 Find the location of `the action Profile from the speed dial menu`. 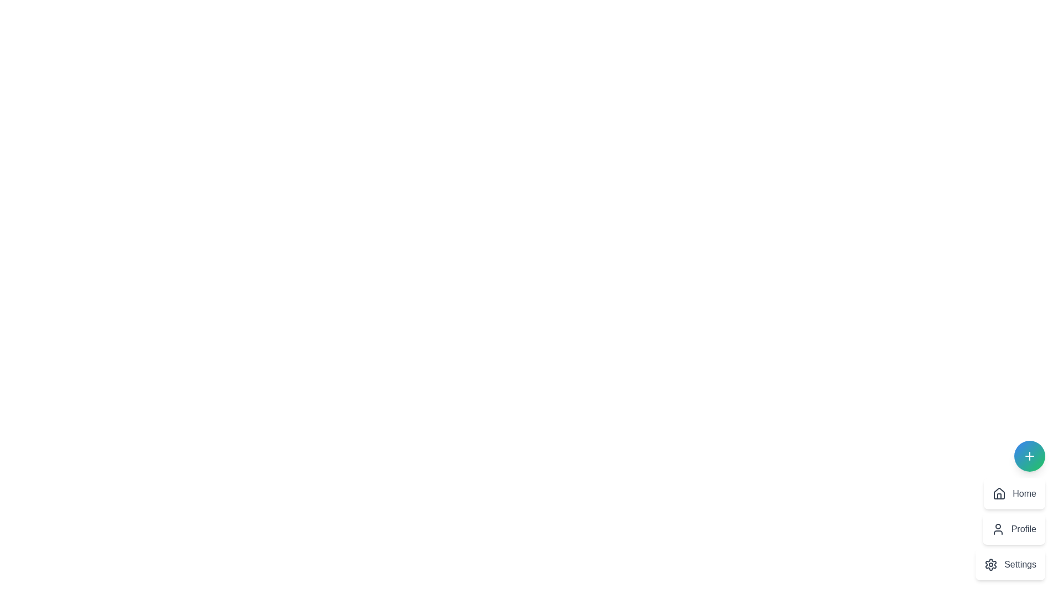

the action Profile from the speed dial menu is located at coordinates (1014, 529).